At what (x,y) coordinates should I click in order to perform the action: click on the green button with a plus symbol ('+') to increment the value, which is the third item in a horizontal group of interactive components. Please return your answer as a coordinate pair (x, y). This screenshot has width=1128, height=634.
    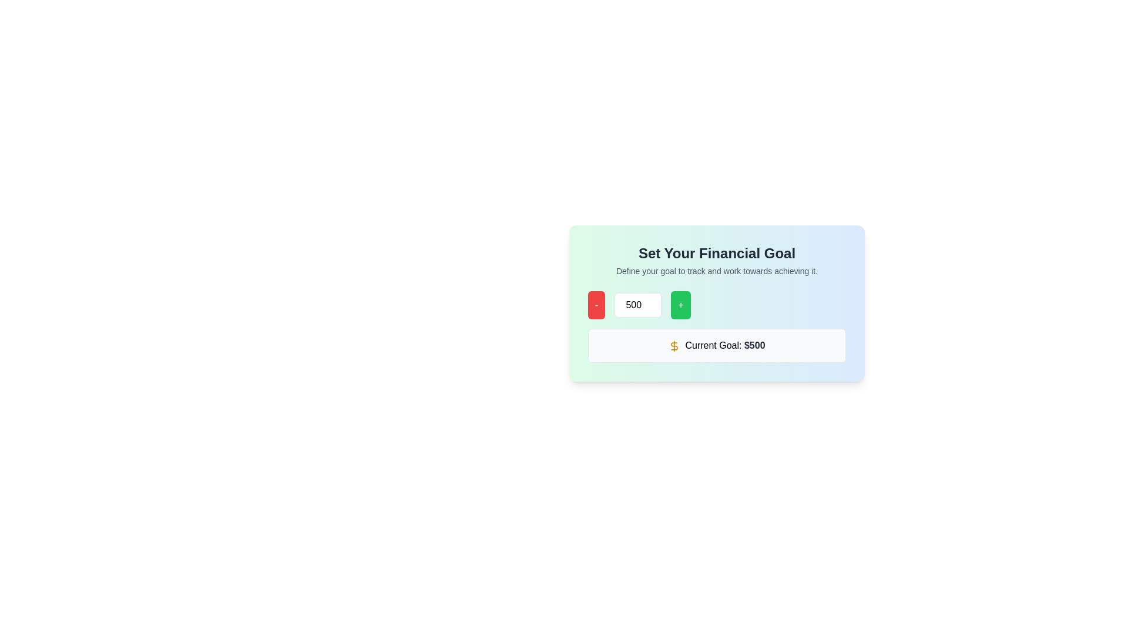
    Looking at the image, I should click on (680, 305).